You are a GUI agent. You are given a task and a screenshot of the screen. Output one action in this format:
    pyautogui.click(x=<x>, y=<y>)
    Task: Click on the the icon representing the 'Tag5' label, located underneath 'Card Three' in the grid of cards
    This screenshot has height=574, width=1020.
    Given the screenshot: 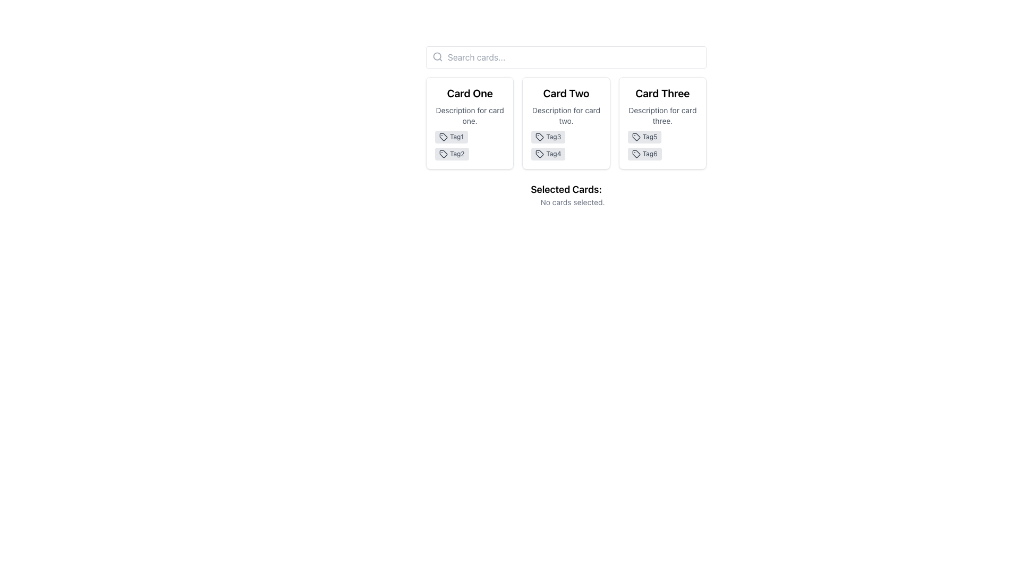 What is the action you would take?
    pyautogui.click(x=636, y=137)
    